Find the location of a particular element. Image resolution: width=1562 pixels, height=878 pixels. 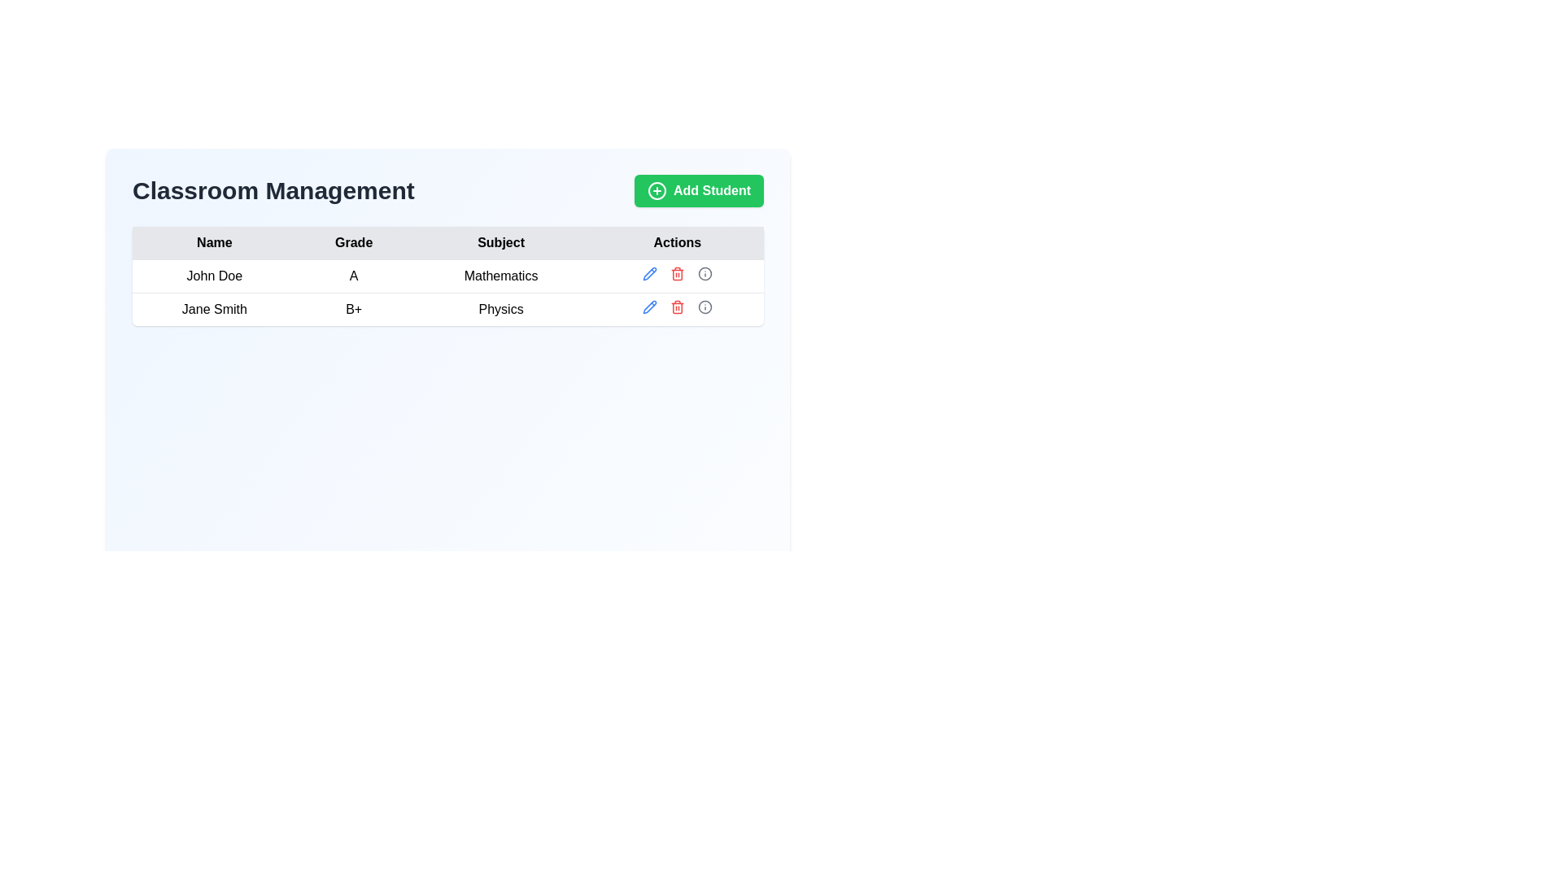

the 'Name' text label which is a bold, light gray rectangular area at the top-left of the table header is located at coordinates (213, 243).